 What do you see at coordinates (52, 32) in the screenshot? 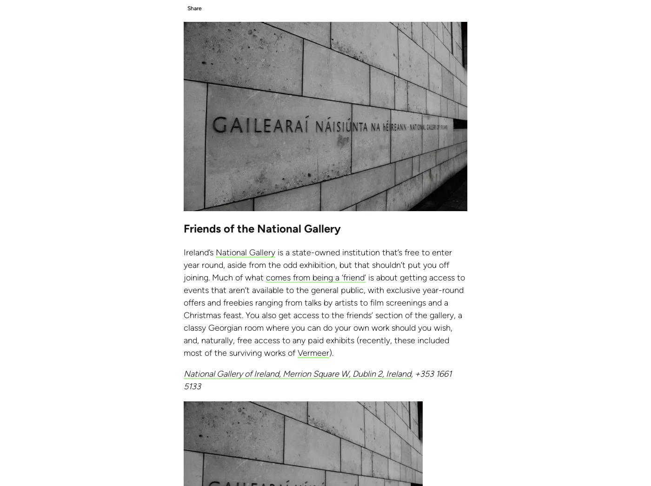
I see `'Vietnam'` at bounding box center [52, 32].